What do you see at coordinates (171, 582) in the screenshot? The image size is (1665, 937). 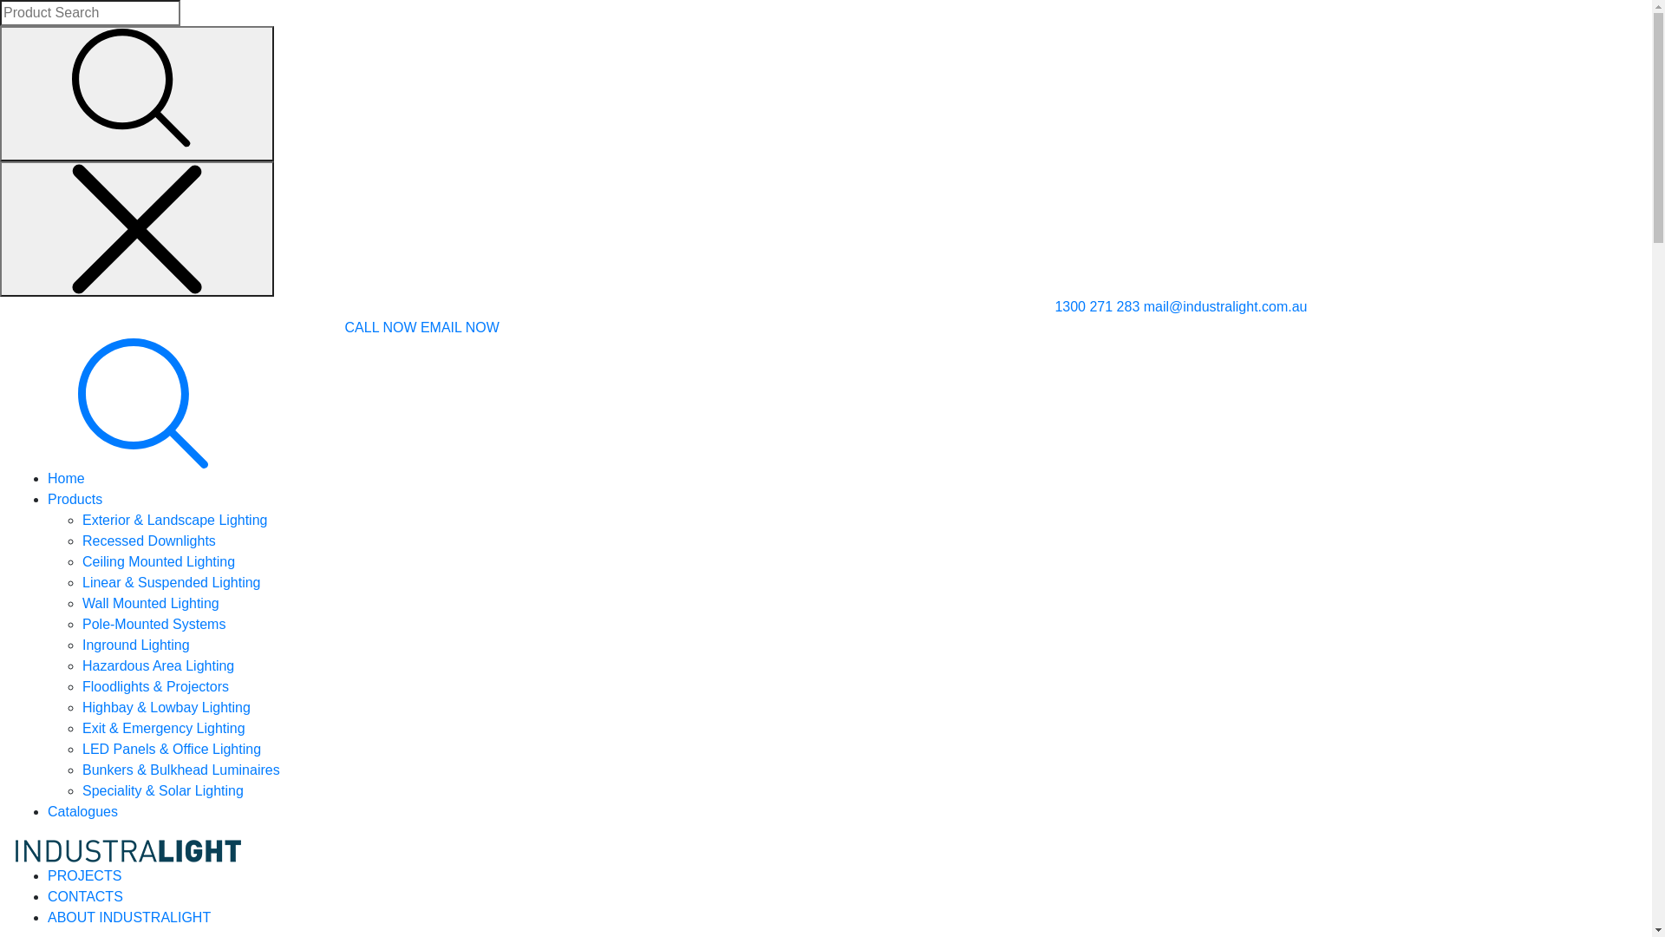 I see `'Linear & Suspended Lighting'` at bounding box center [171, 582].